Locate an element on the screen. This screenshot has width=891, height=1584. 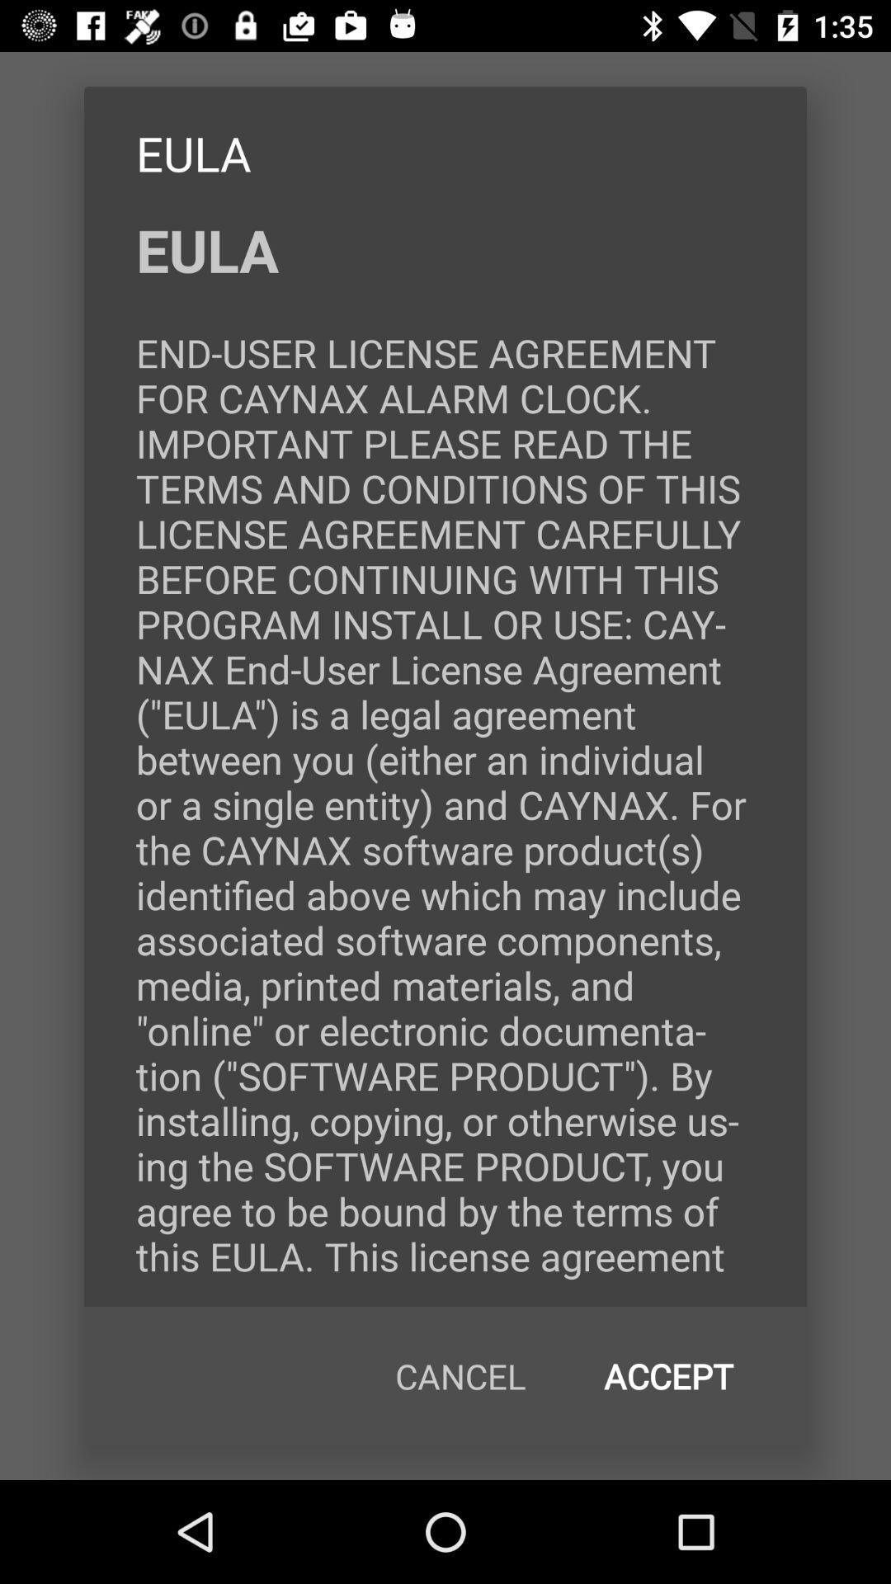
icon at the bottom is located at coordinates (460, 1376).